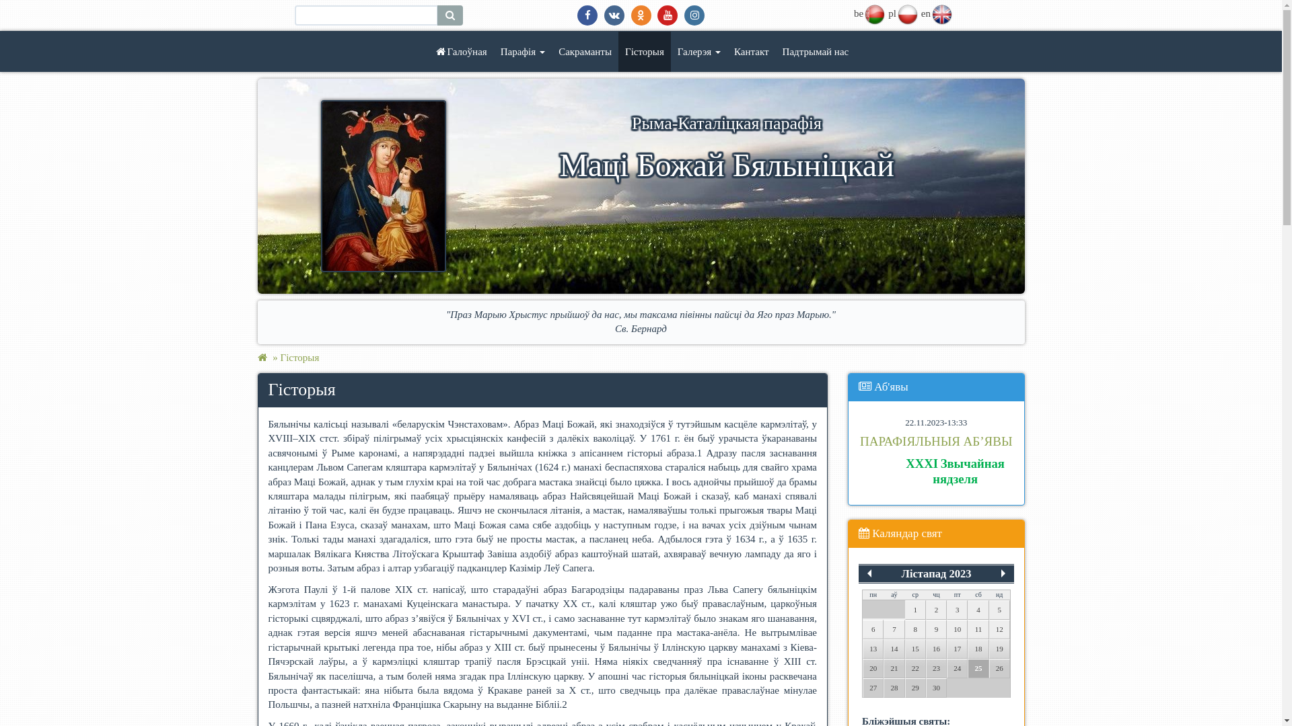 The width and height of the screenshot is (1292, 726). I want to click on '4', so click(978, 610).